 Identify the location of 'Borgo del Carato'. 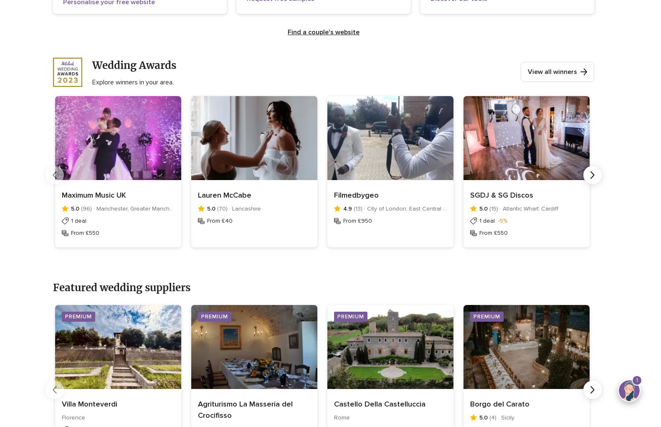
(499, 404).